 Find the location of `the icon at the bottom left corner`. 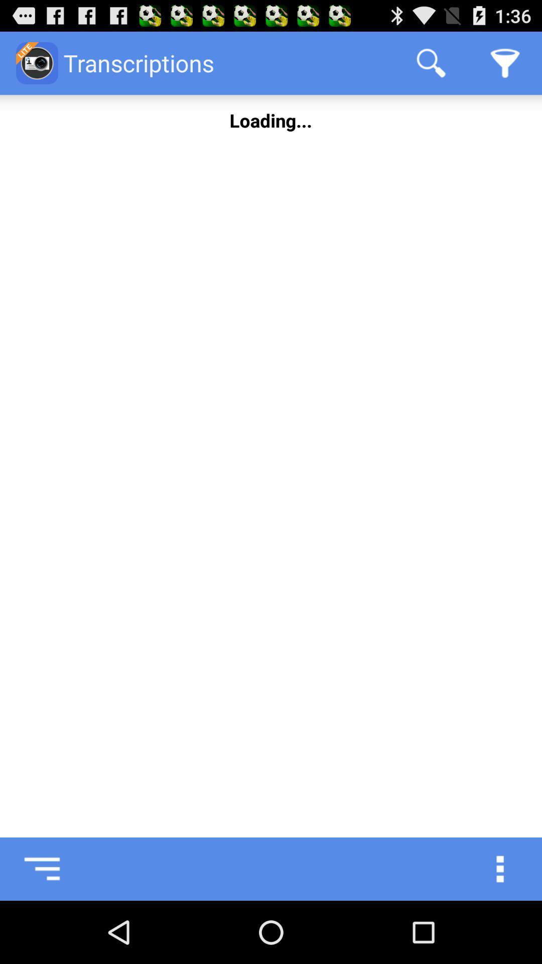

the icon at the bottom left corner is located at coordinates (31, 869).